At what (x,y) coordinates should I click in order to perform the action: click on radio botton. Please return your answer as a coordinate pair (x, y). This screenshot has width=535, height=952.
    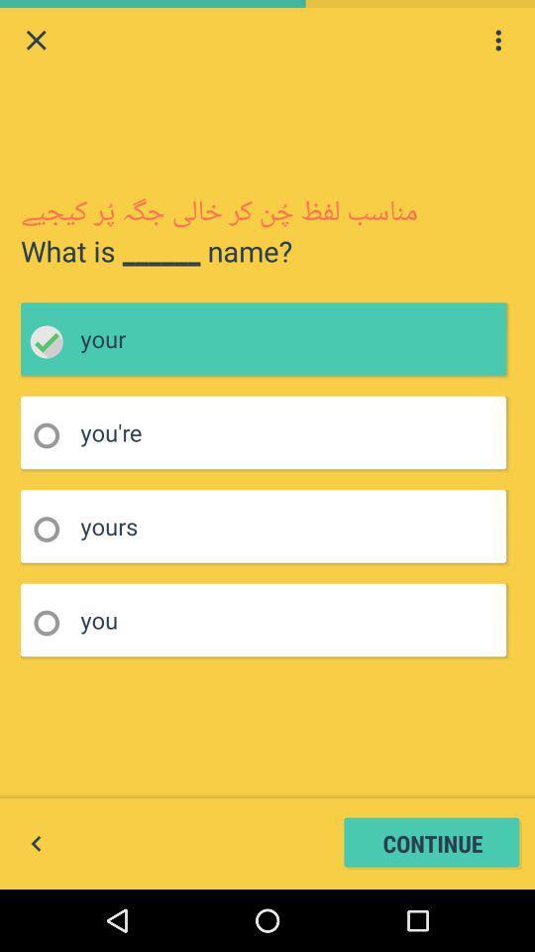
    Looking at the image, I should click on (53, 435).